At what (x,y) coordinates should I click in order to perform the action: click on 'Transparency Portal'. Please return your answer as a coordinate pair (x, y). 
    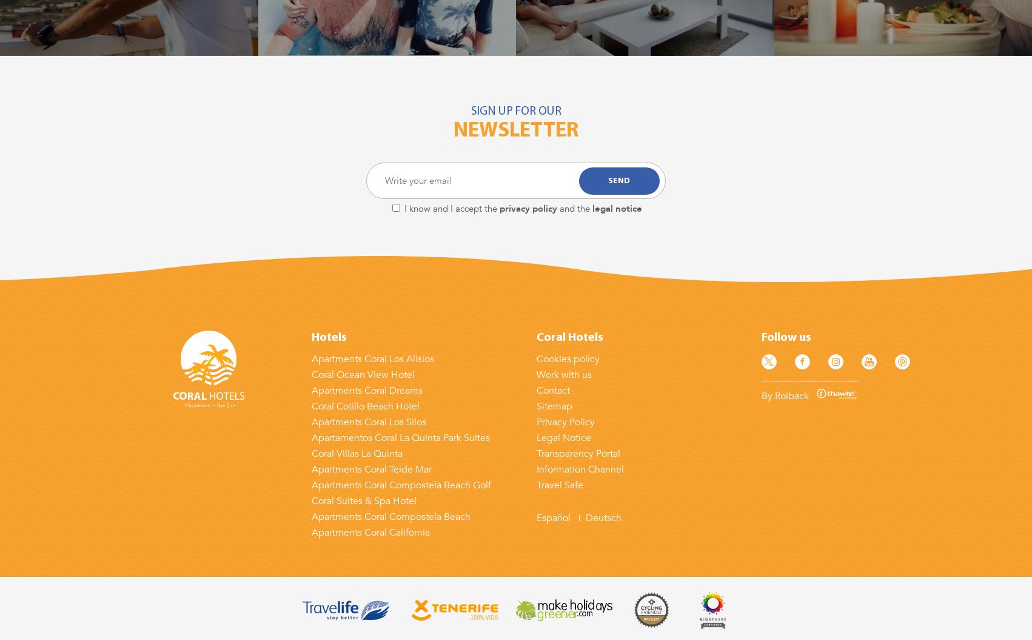
    Looking at the image, I should click on (577, 453).